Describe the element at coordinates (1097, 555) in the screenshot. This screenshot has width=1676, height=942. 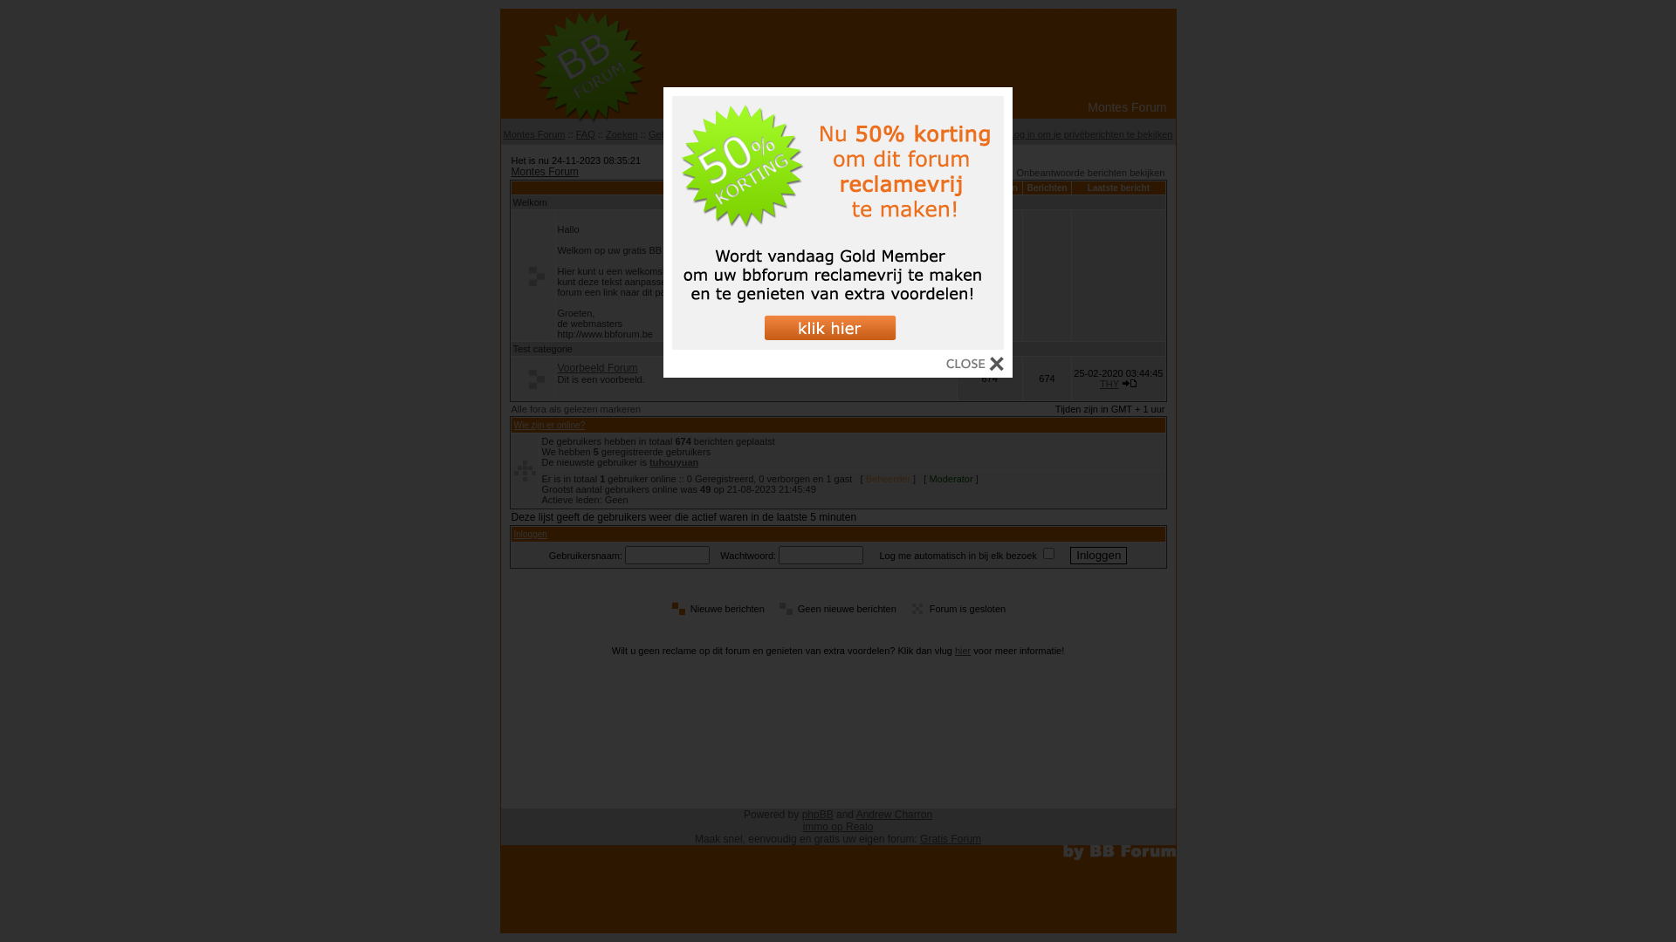
I see `'Inloggen'` at that location.